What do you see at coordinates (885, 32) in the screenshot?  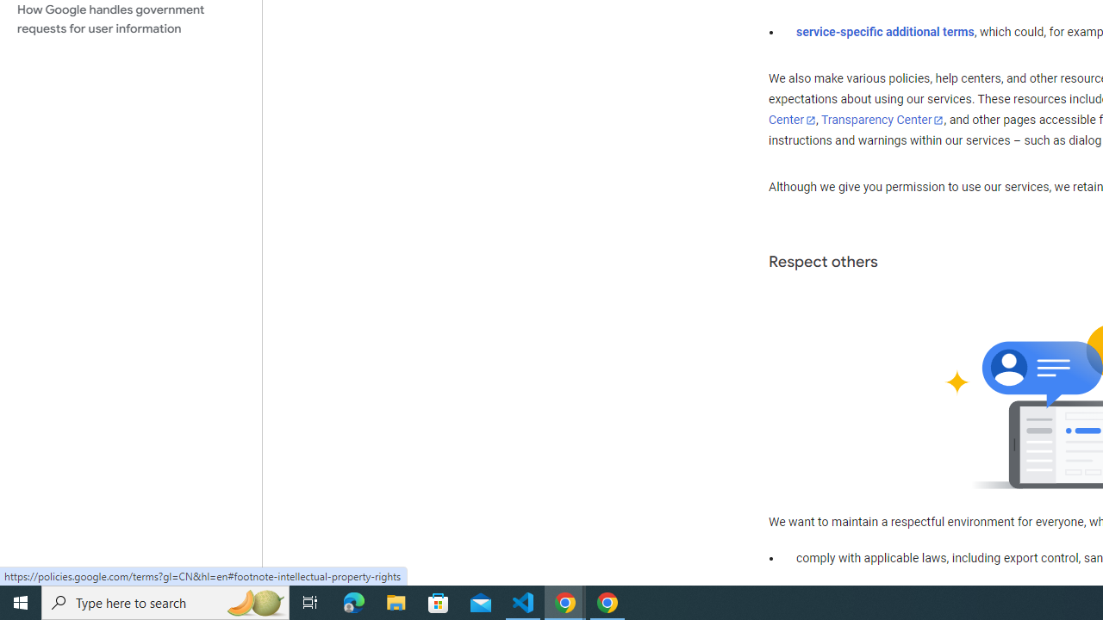 I see `'service-specific additional terms'` at bounding box center [885, 32].